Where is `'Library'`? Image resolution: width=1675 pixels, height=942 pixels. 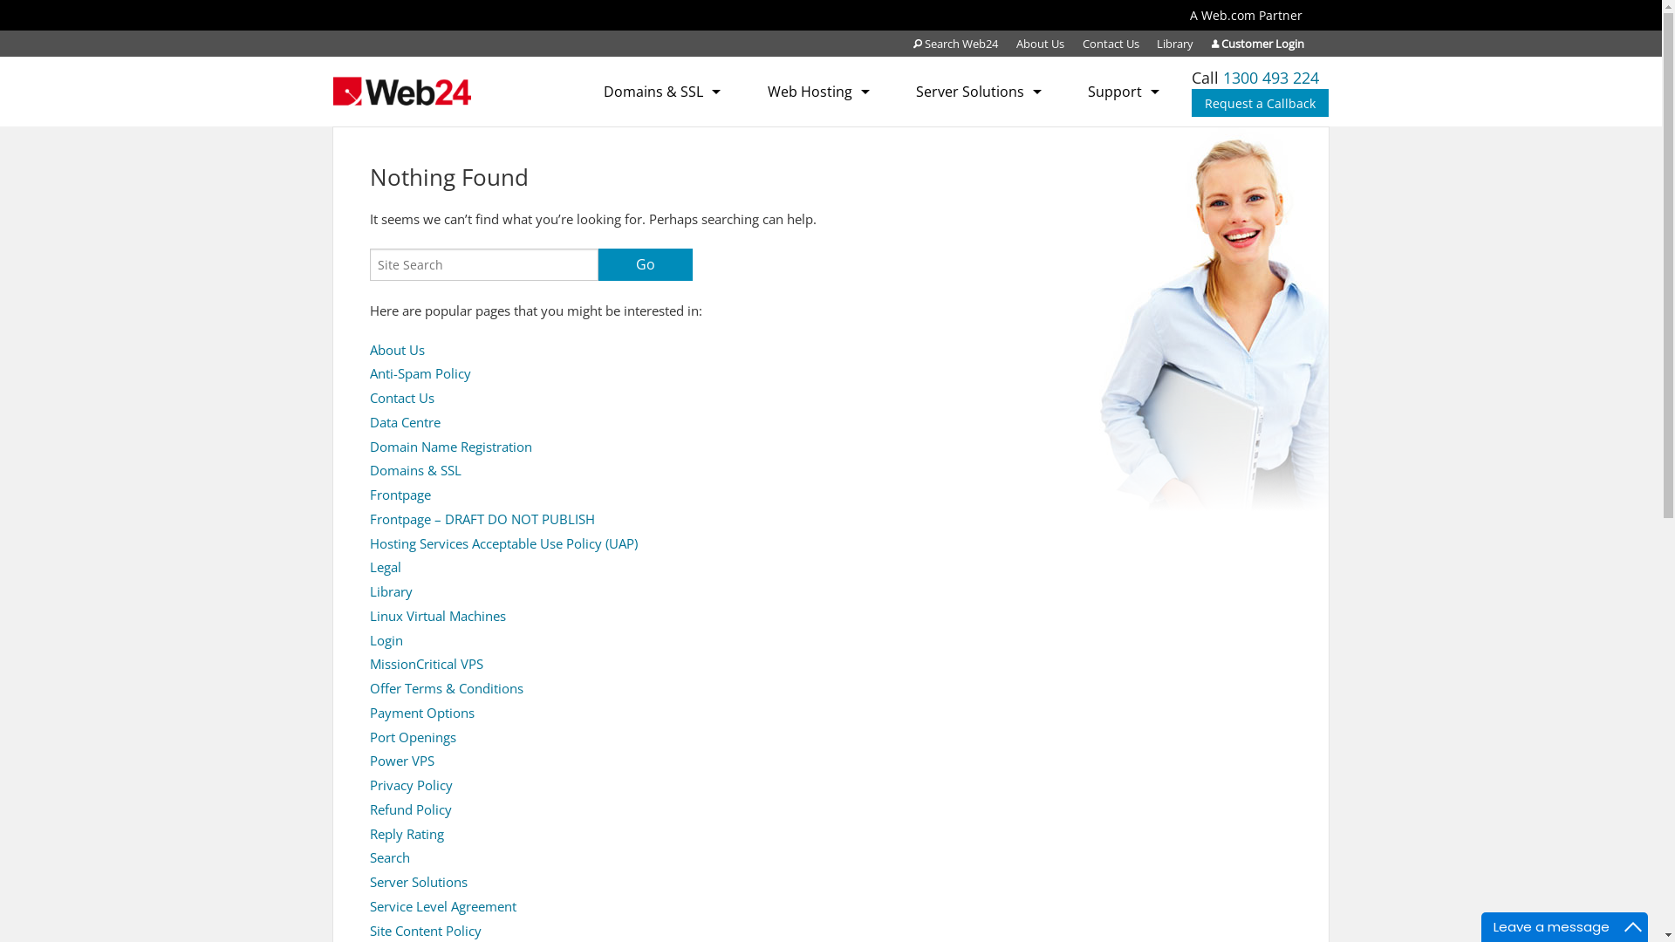
'Library' is located at coordinates (1175, 43).